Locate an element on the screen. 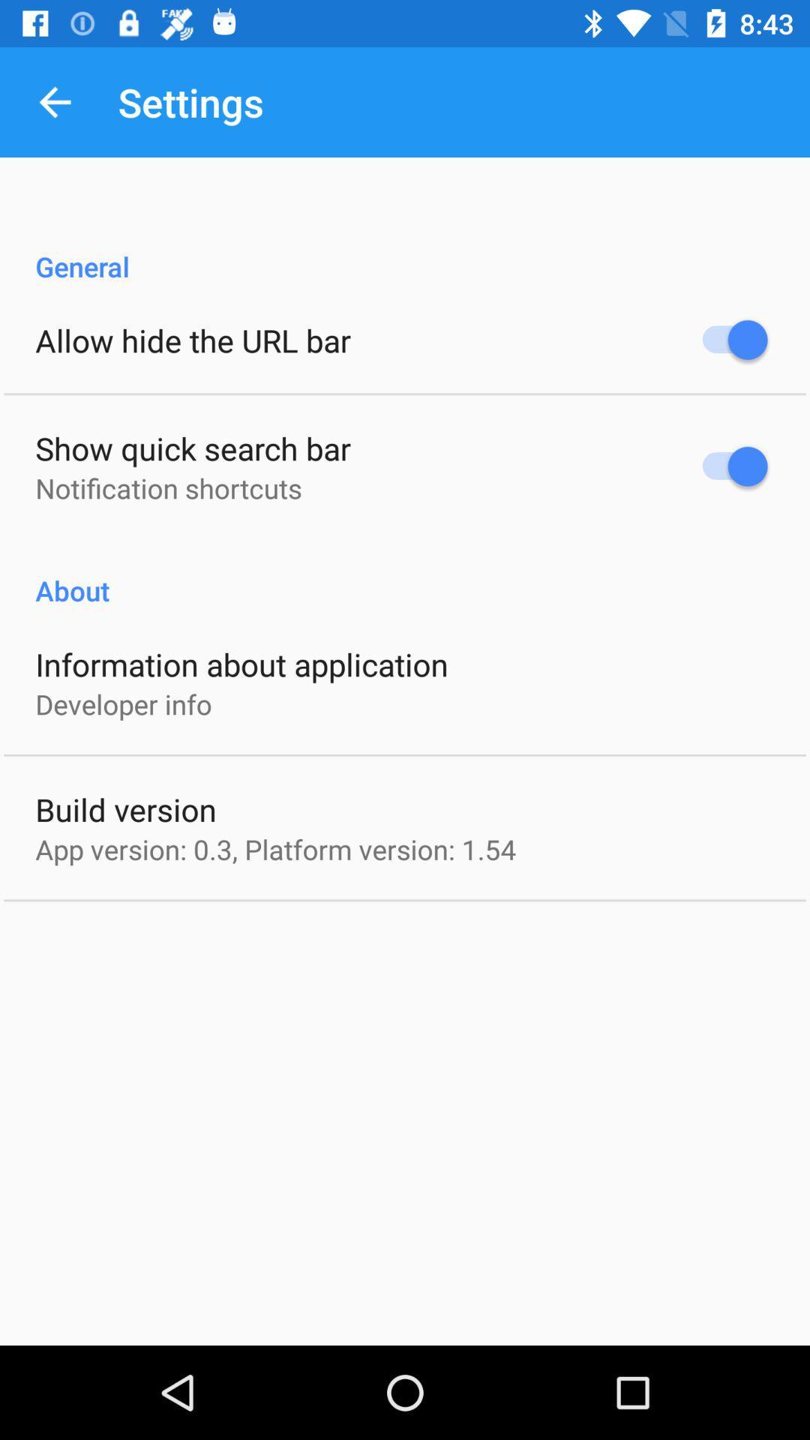 This screenshot has width=810, height=1440. allow hide the icon is located at coordinates (192, 339).